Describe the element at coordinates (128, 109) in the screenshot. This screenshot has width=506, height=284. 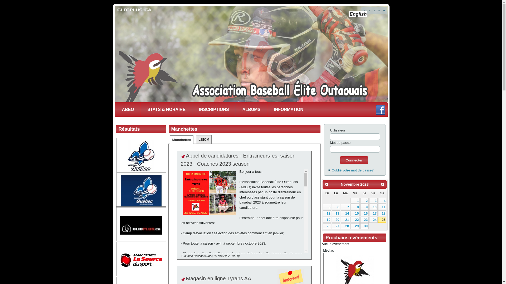
I see `'ABEO'` at that location.